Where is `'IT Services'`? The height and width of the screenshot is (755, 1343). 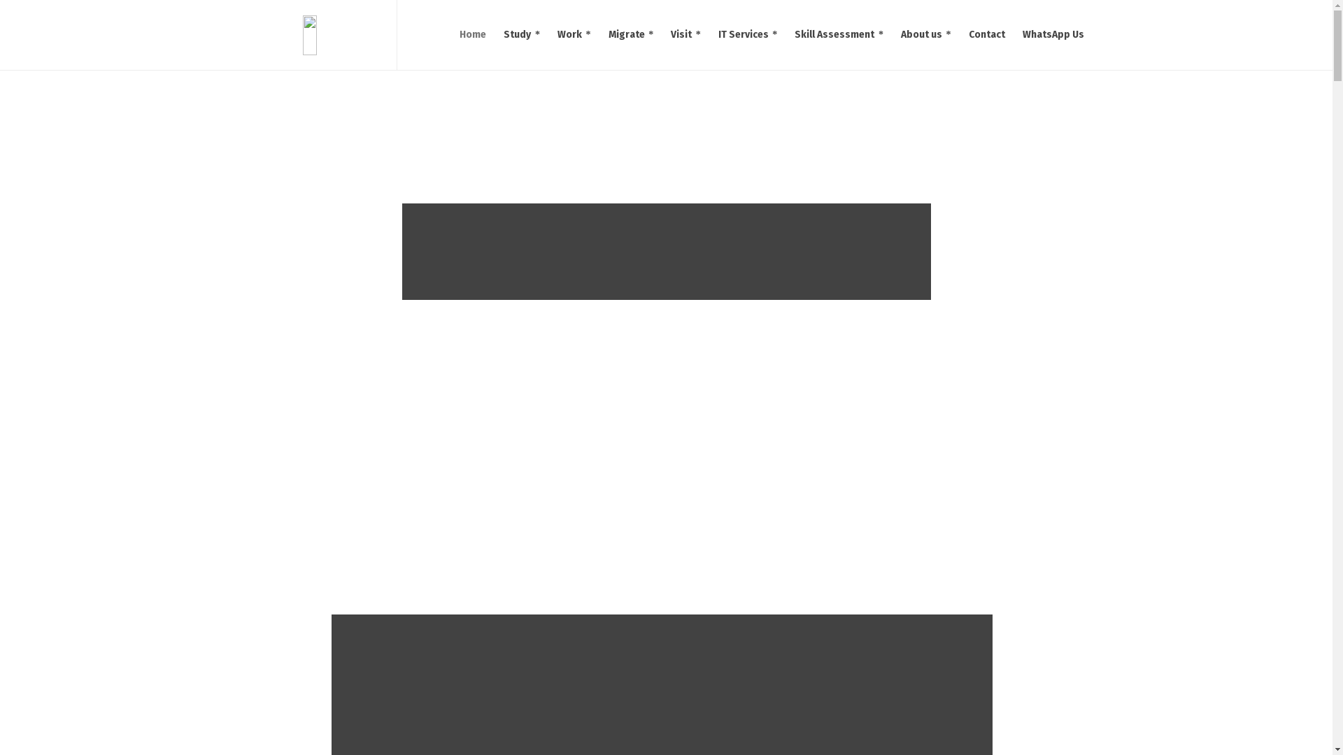
'IT Services' is located at coordinates (709, 34).